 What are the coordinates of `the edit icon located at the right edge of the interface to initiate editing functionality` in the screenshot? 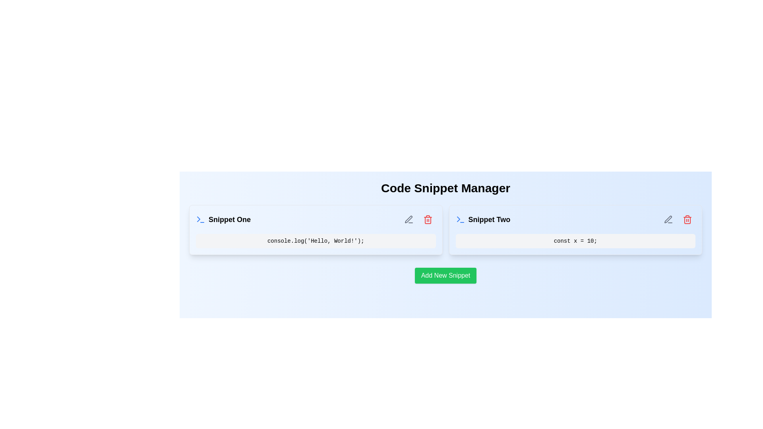 It's located at (668, 219).